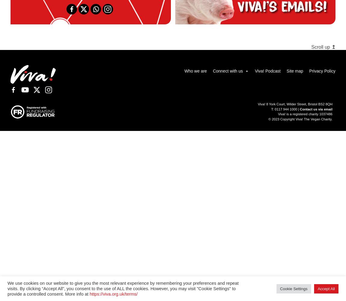 The width and height of the screenshot is (346, 301). Describe the element at coordinates (293, 288) in the screenshot. I see `'Cookie Settings'` at that location.